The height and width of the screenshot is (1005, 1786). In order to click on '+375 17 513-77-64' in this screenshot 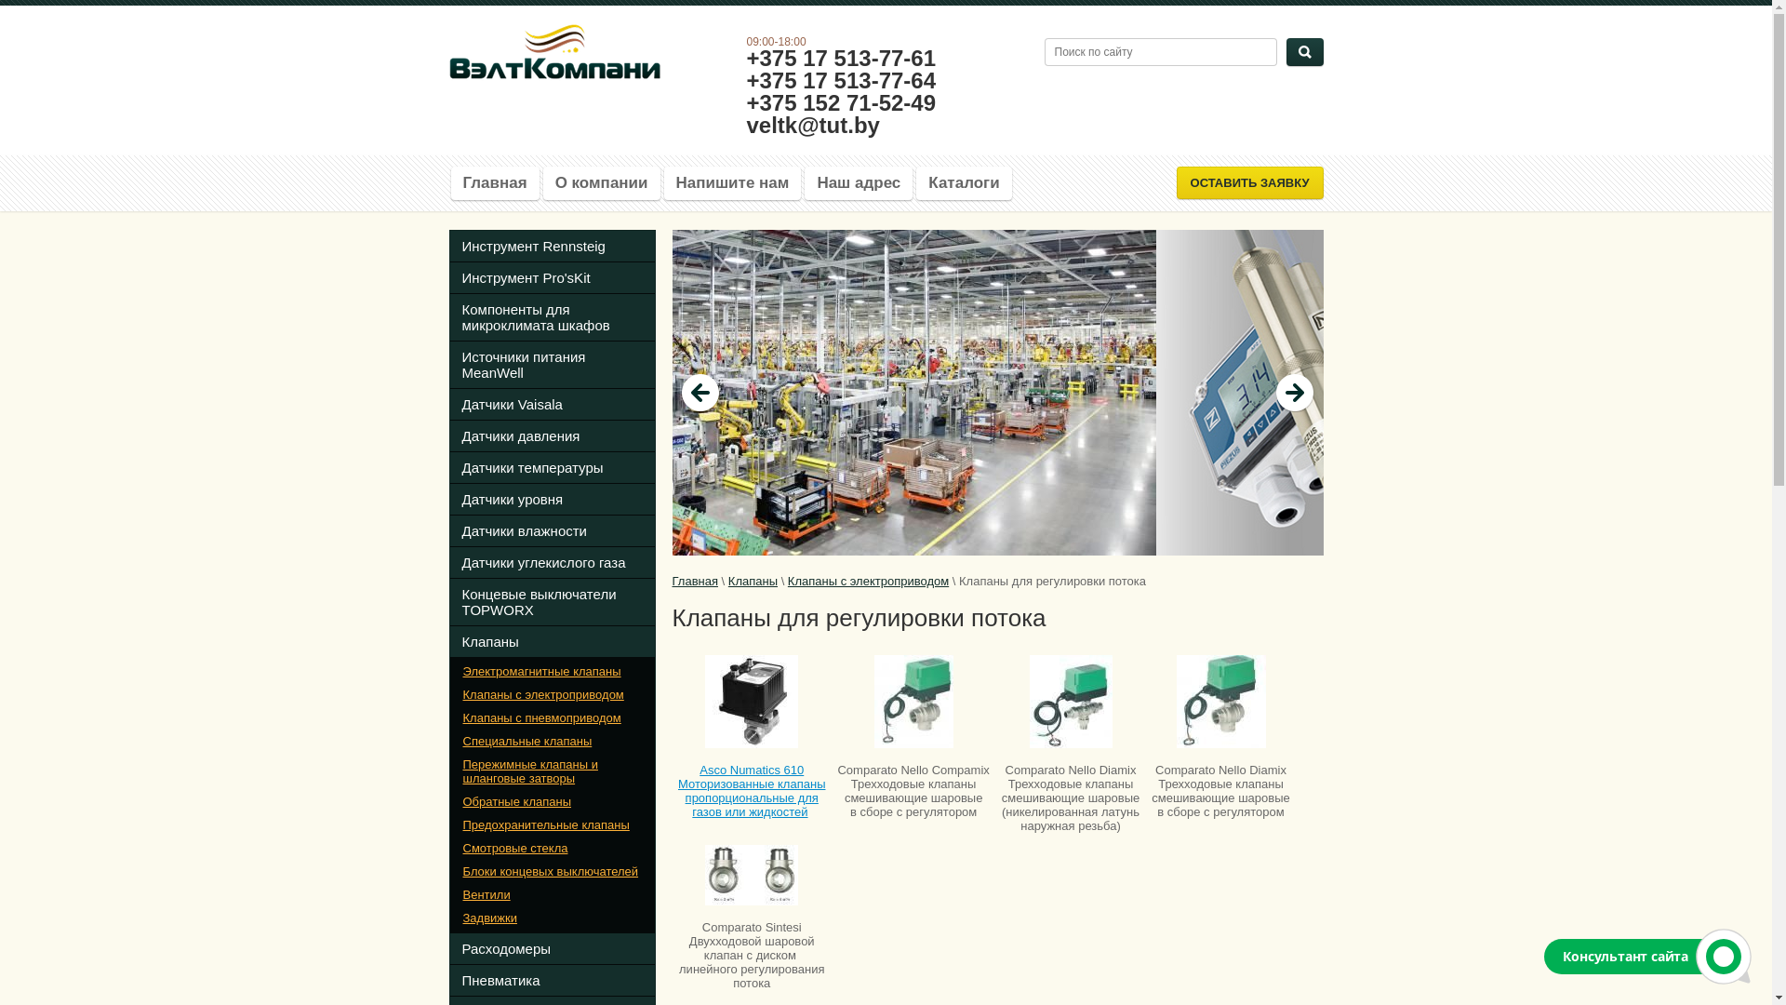, I will do `click(839, 79)`.